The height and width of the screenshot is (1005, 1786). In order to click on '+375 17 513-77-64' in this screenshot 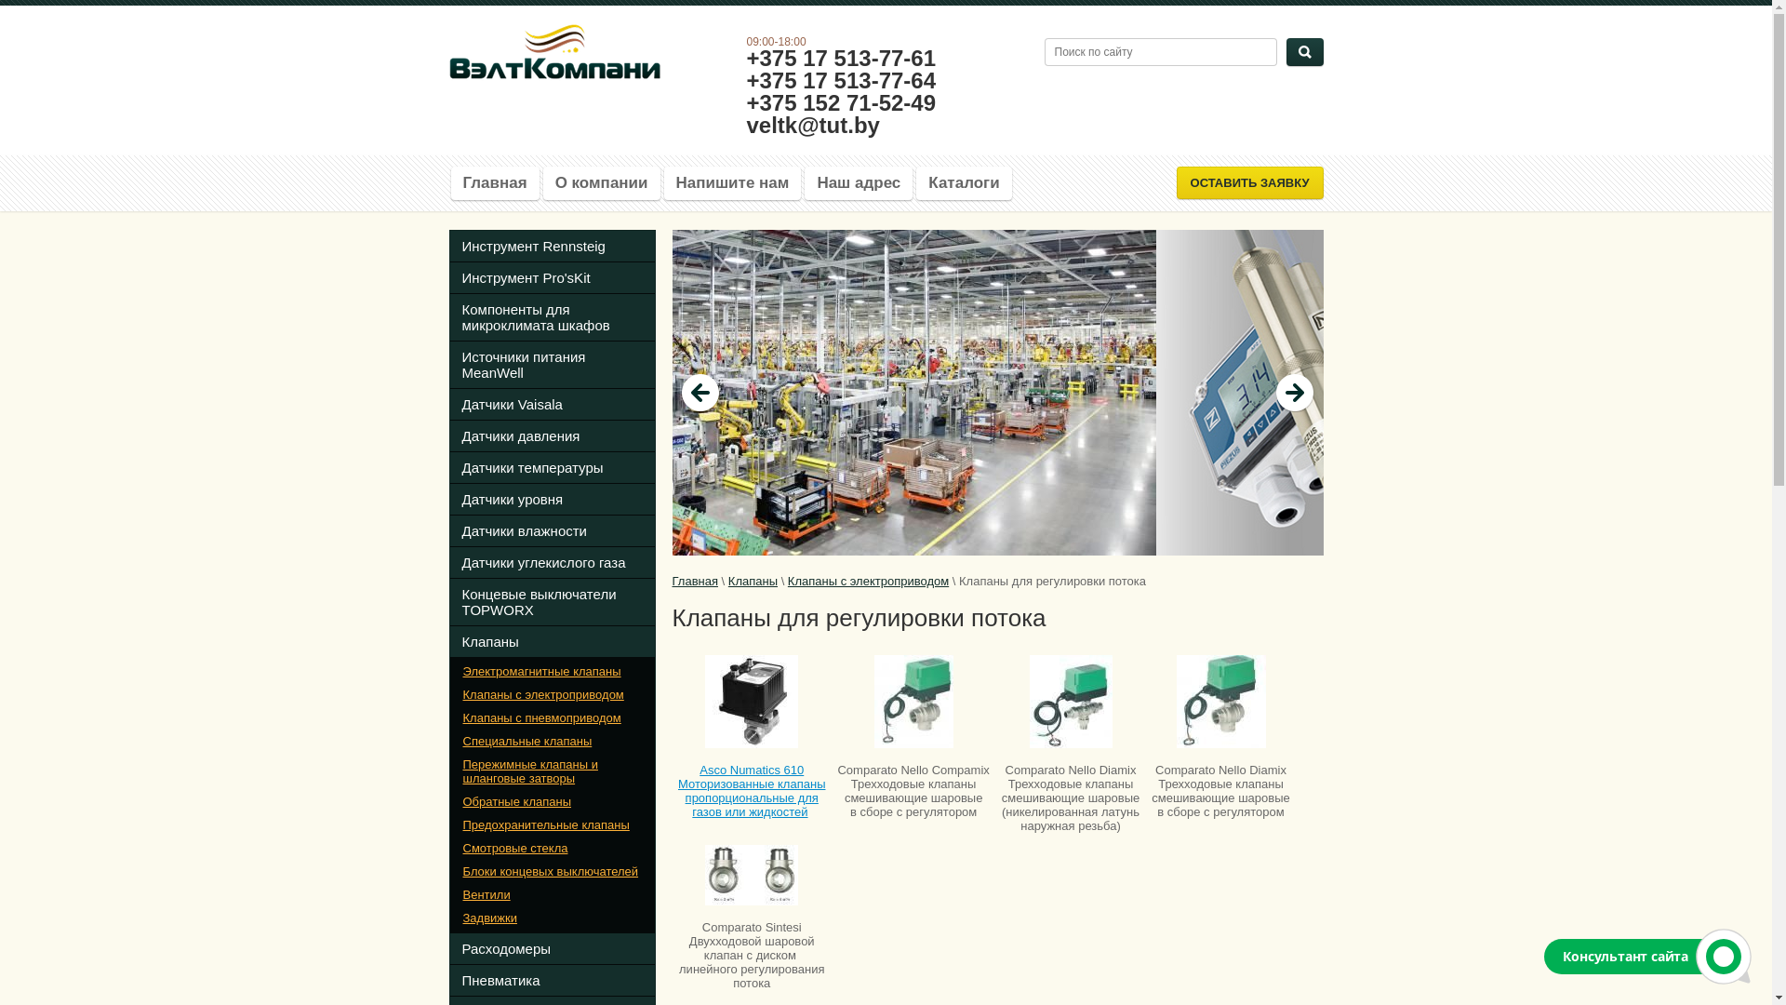, I will do `click(839, 79)`.